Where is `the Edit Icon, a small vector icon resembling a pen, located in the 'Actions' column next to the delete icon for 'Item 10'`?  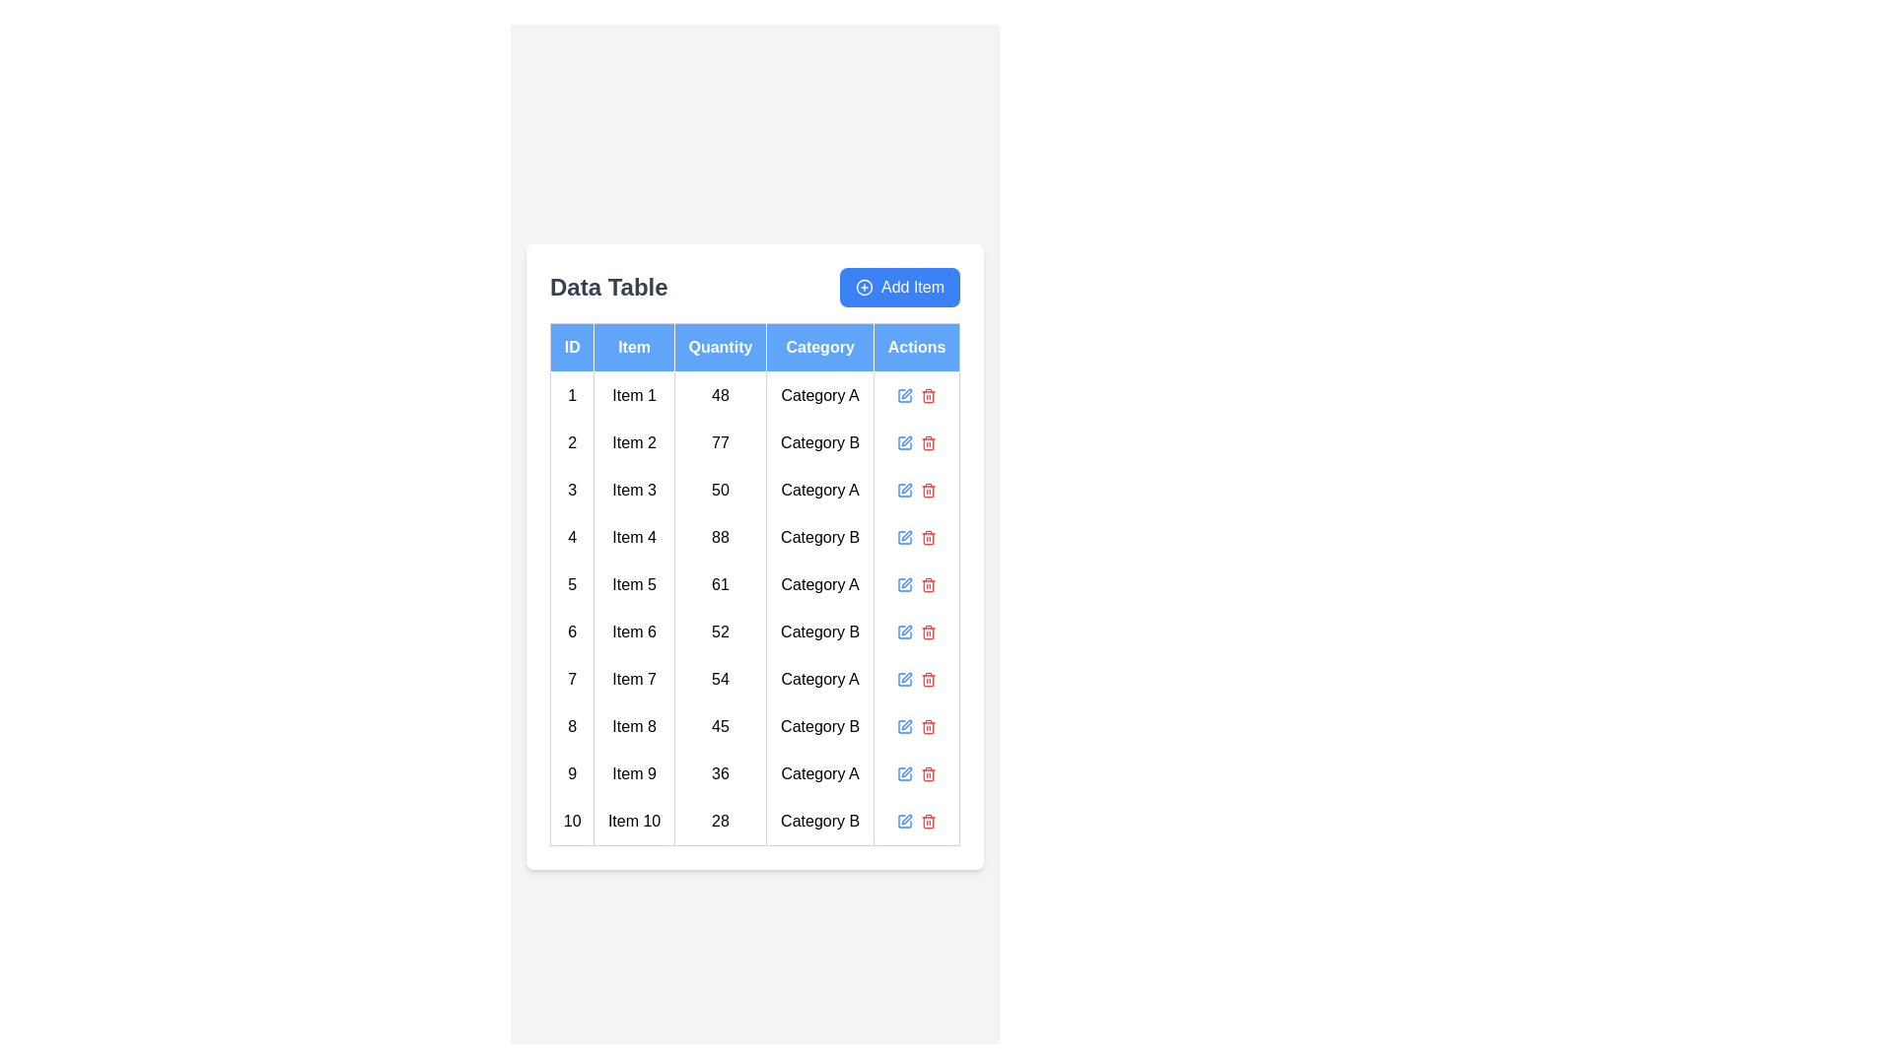
the Edit Icon, a small vector icon resembling a pen, located in the 'Actions' column next to the delete icon for 'Item 10' is located at coordinates (906, 819).